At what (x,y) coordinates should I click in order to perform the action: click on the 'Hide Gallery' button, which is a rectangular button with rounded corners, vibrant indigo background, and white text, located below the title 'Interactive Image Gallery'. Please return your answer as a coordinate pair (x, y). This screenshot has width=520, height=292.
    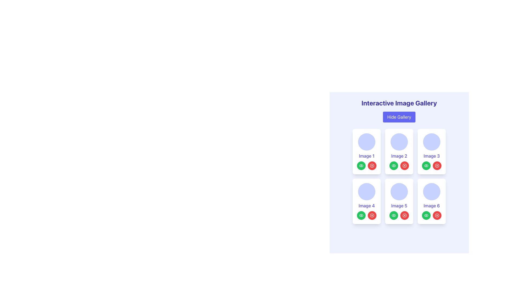
    Looking at the image, I should click on (399, 117).